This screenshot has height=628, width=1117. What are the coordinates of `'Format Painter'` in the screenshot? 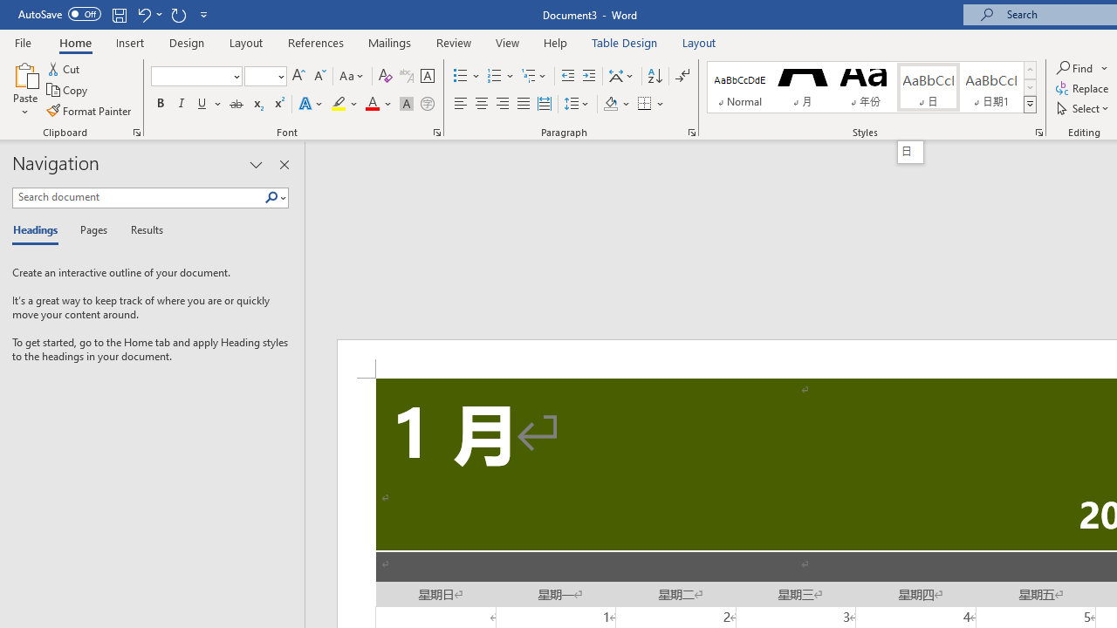 It's located at (89, 111).